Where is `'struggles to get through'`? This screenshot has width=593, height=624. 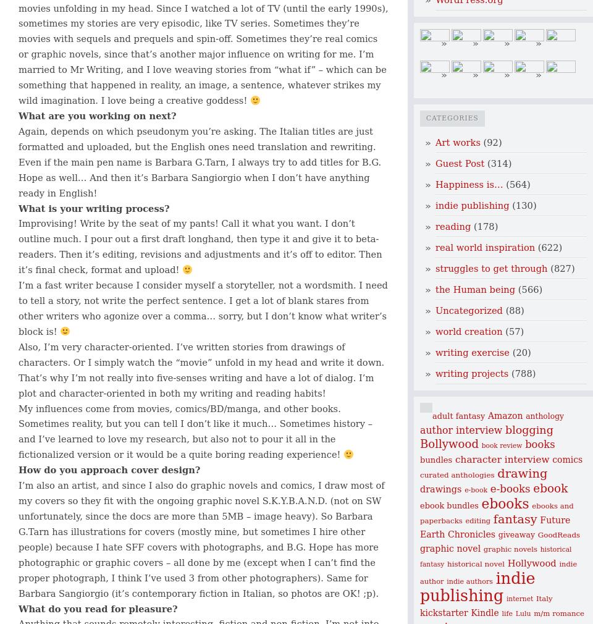 'struggles to get through' is located at coordinates (491, 268).